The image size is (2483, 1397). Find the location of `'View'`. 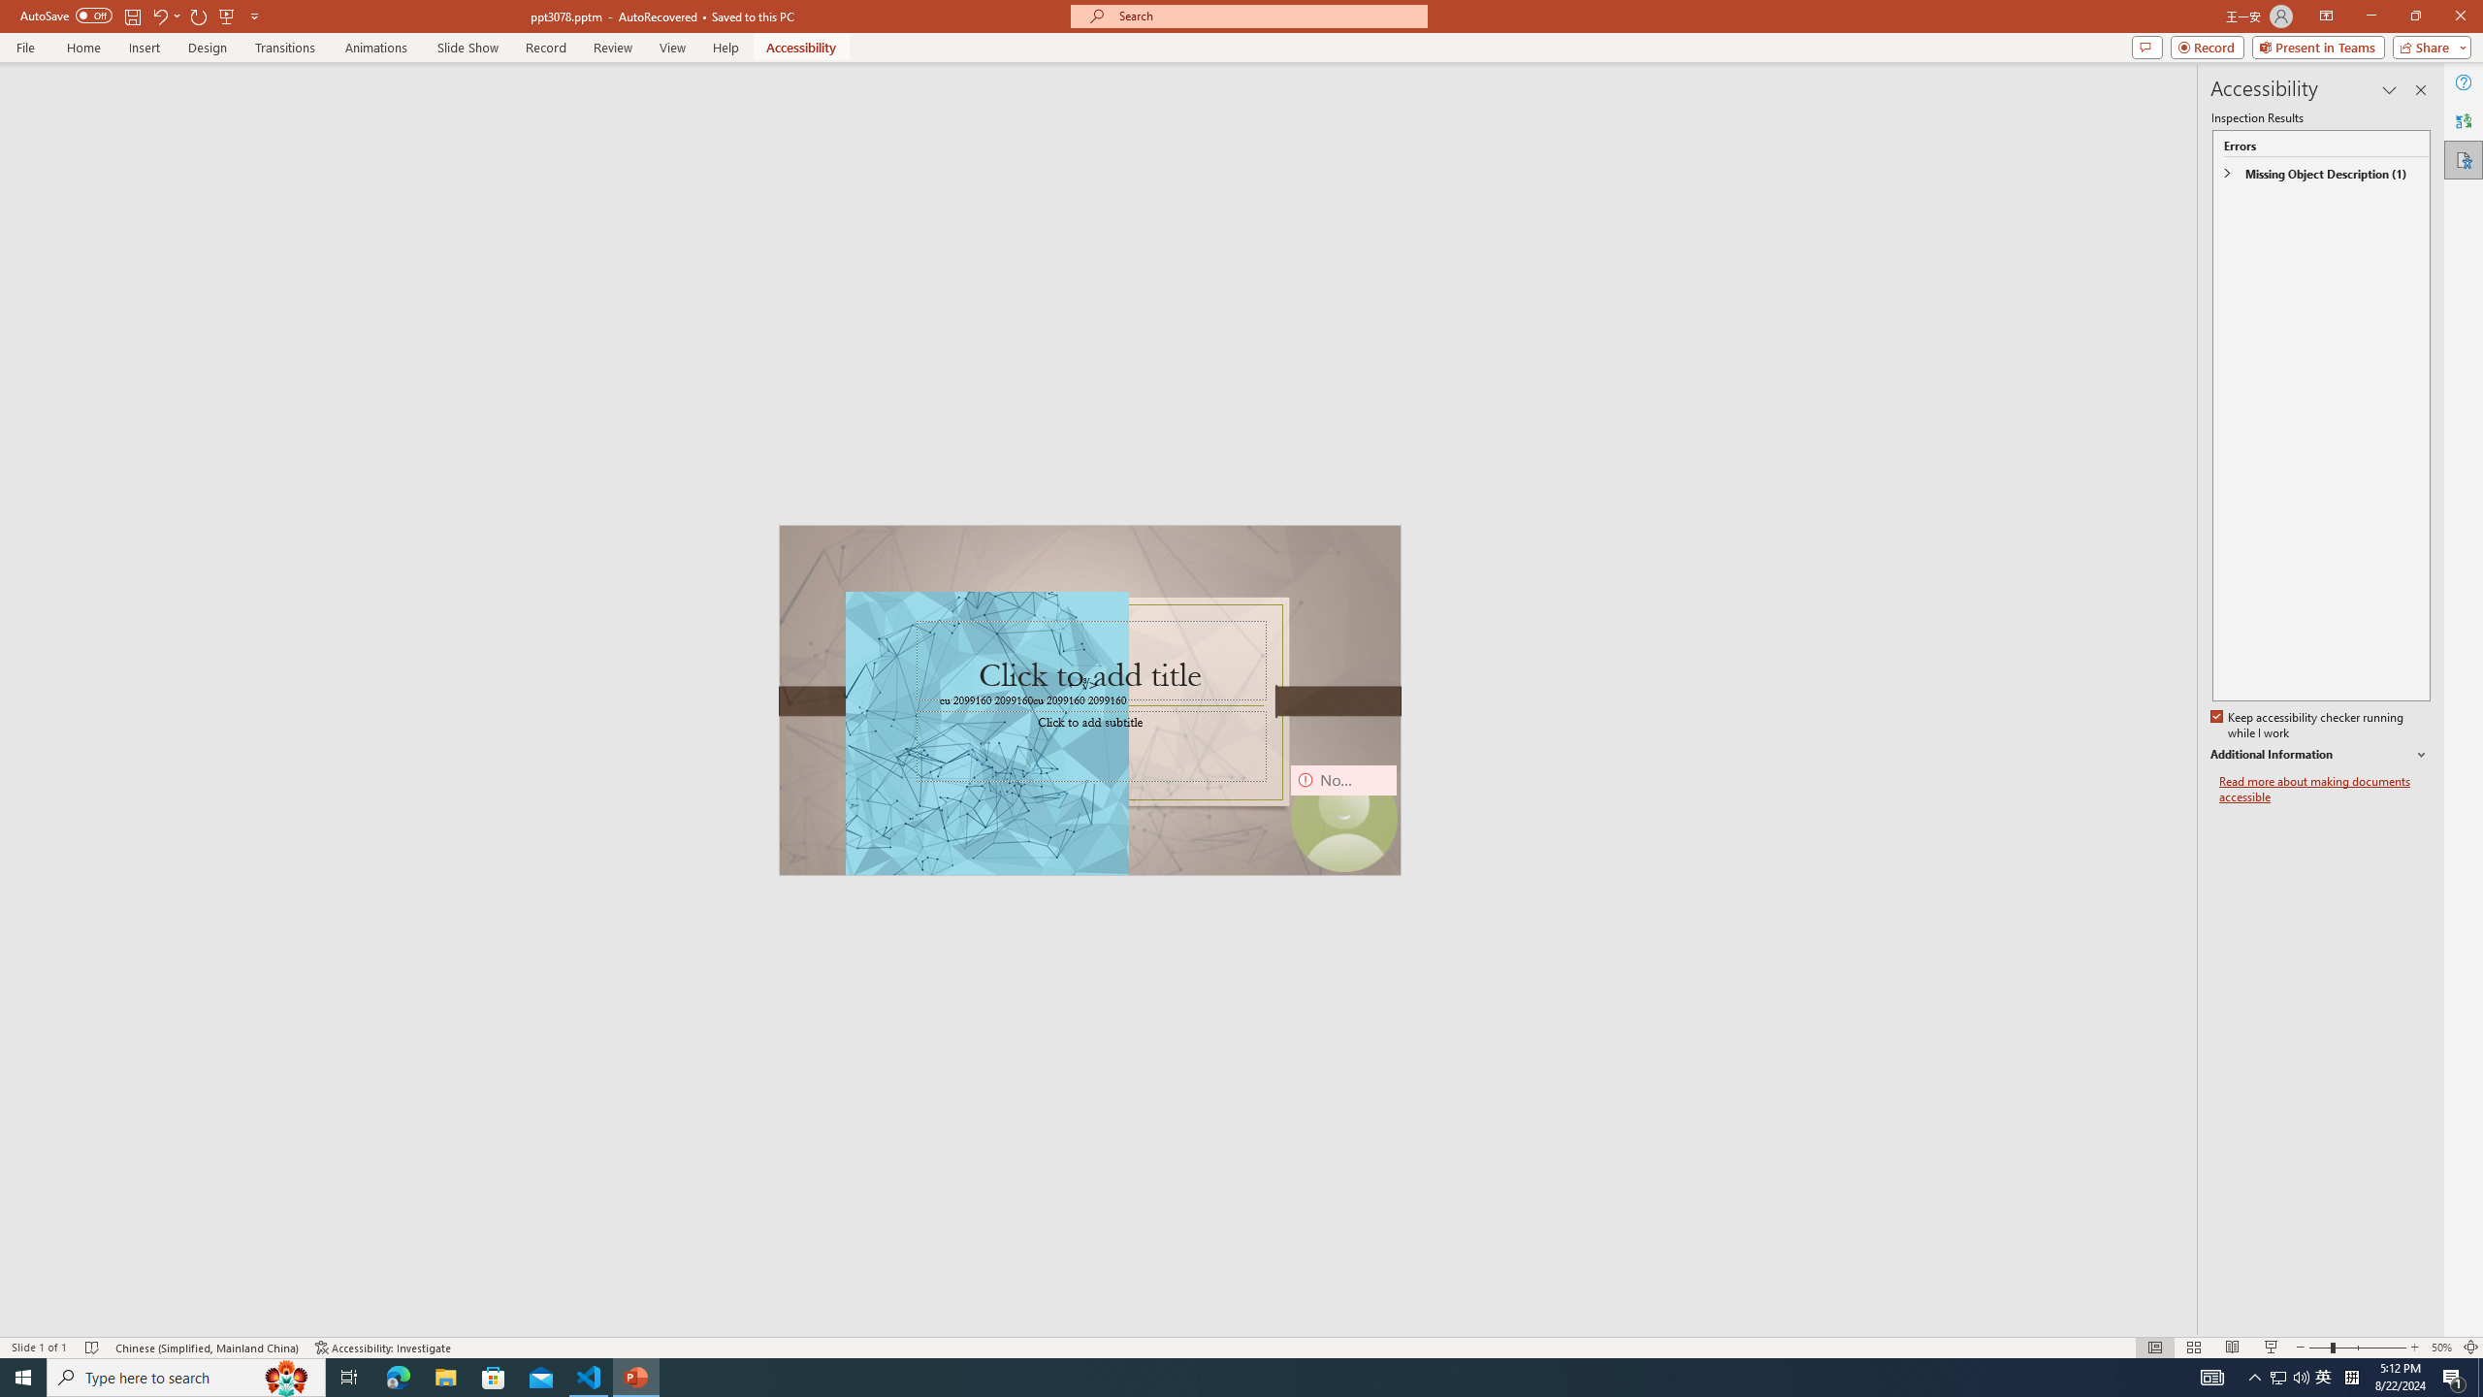

'View' is located at coordinates (673, 48).